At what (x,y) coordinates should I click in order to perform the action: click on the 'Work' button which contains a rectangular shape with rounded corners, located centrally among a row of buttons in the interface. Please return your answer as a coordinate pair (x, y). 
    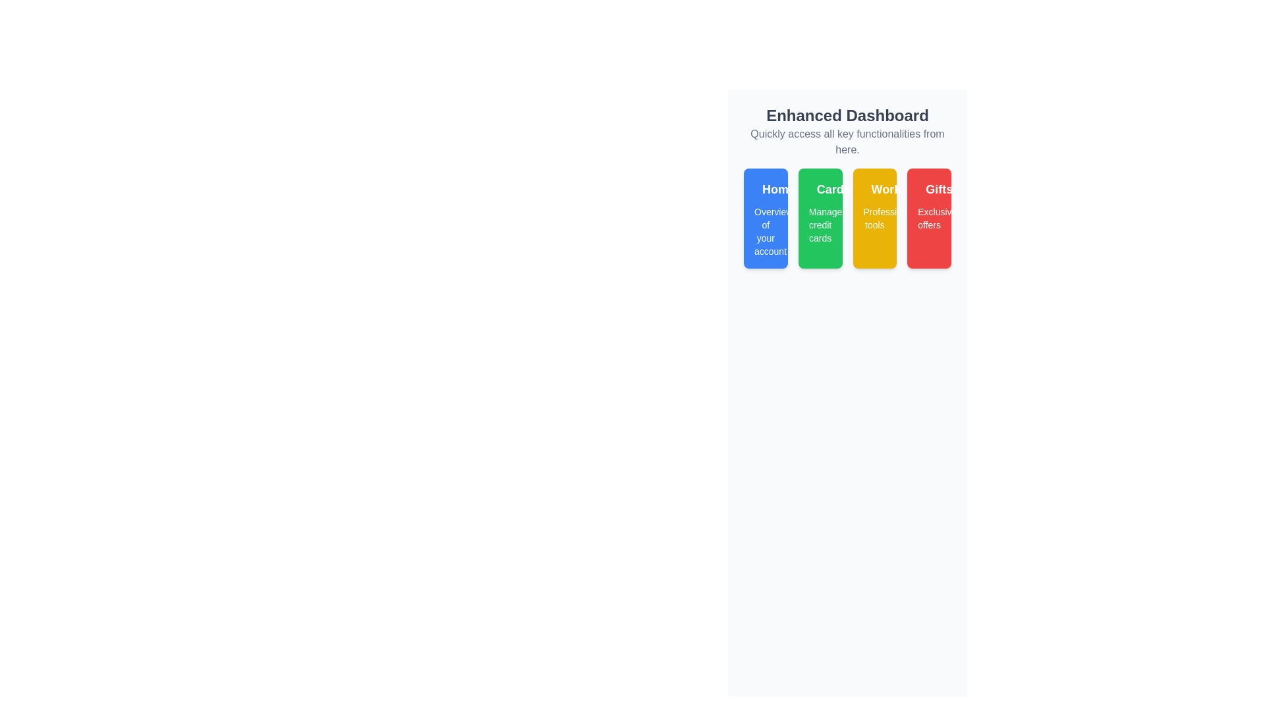
    Looking at the image, I should click on (871, 188).